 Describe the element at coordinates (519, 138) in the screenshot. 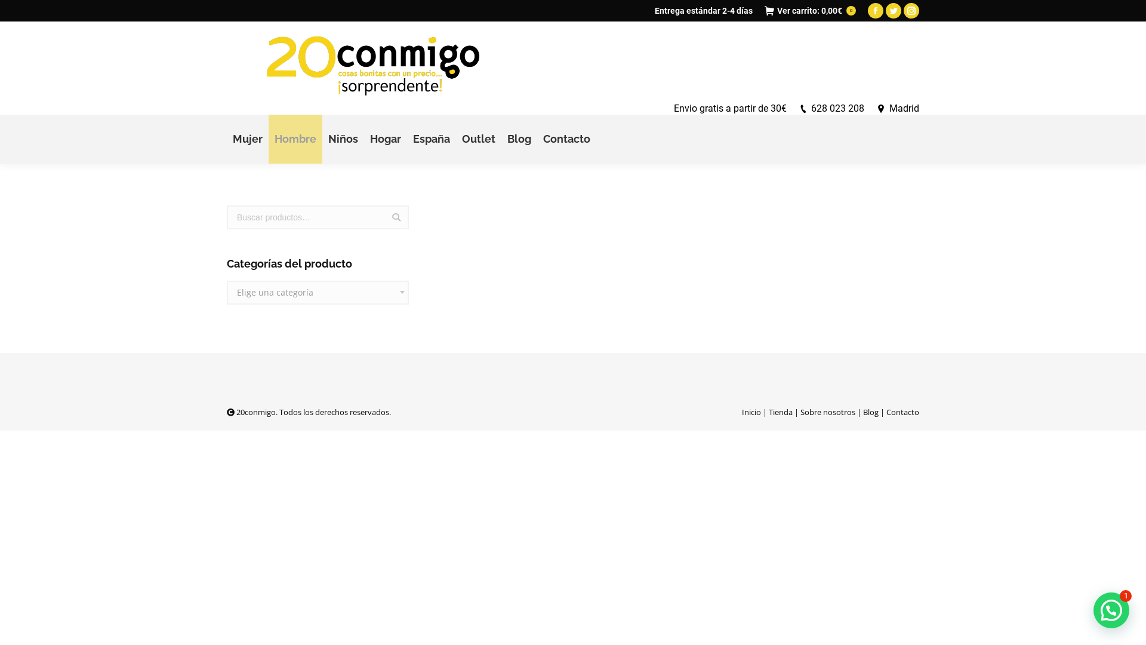

I see `'Blog'` at that location.